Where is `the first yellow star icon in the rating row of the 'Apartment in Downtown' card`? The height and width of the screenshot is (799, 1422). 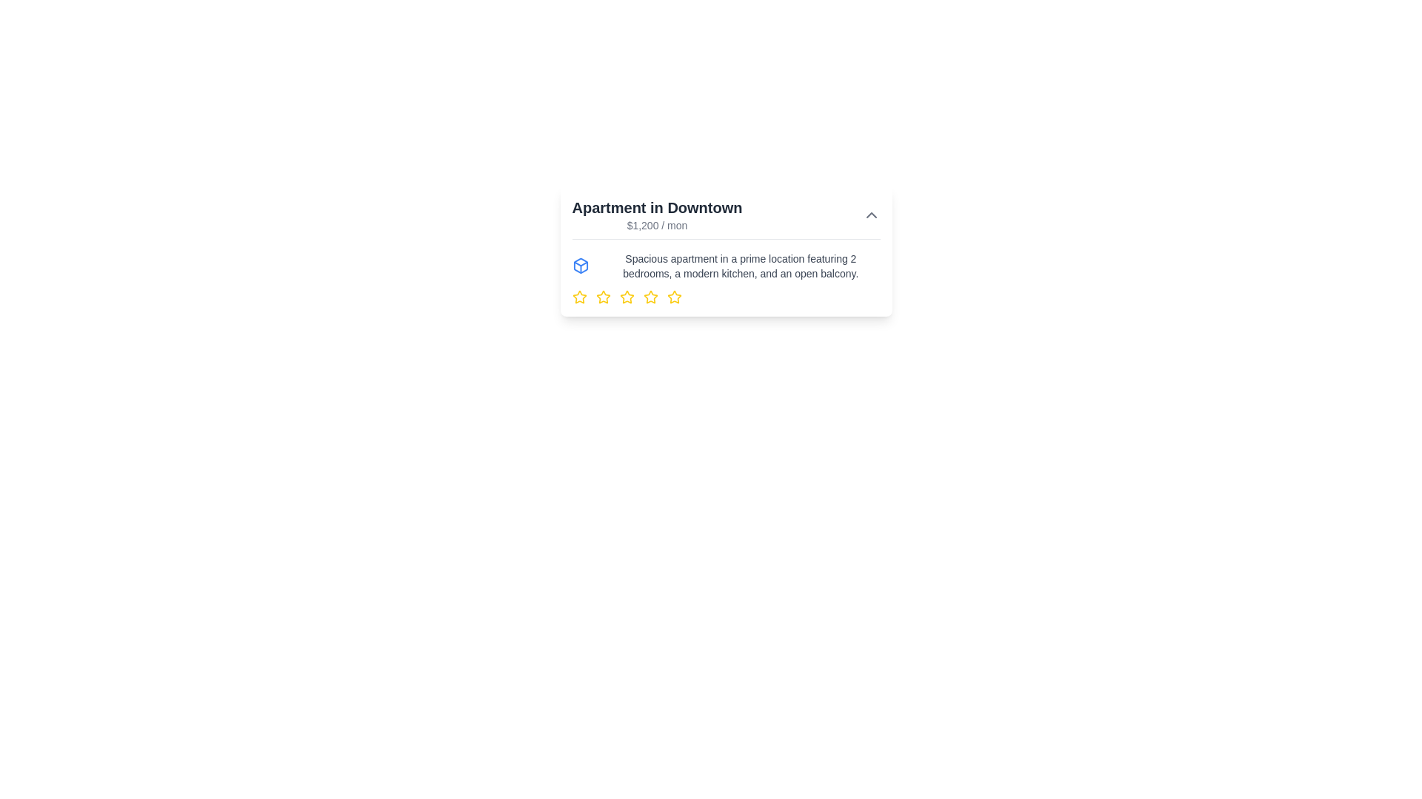
the first yellow star icon in the rating row of the 'Apartment in Downtown' card is located at coordinates (603, 297).